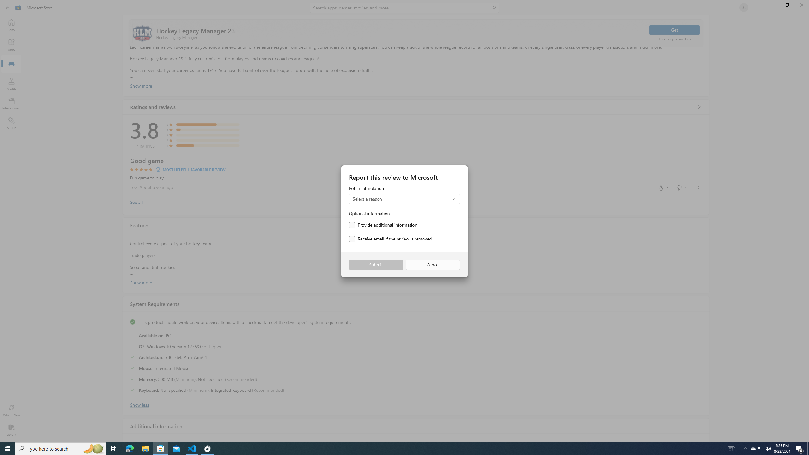  I want to click on 'Search', so click(404, 7).